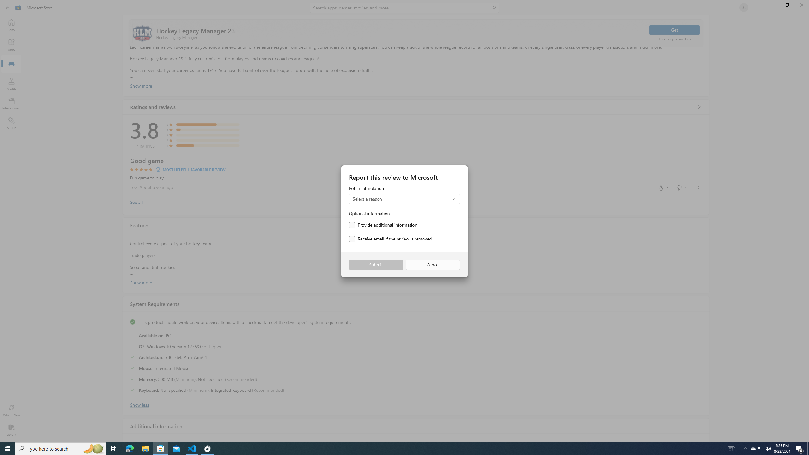  I want to click on 'Search', so click(404, 7).